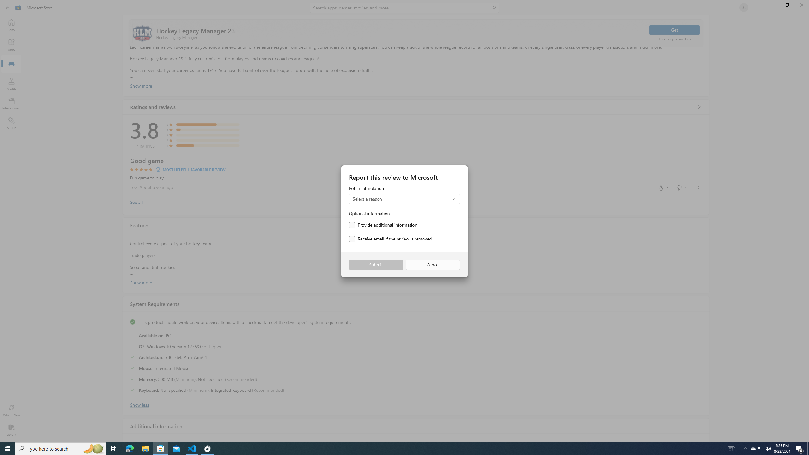  I want to click on 'Search', so click(404, 7).